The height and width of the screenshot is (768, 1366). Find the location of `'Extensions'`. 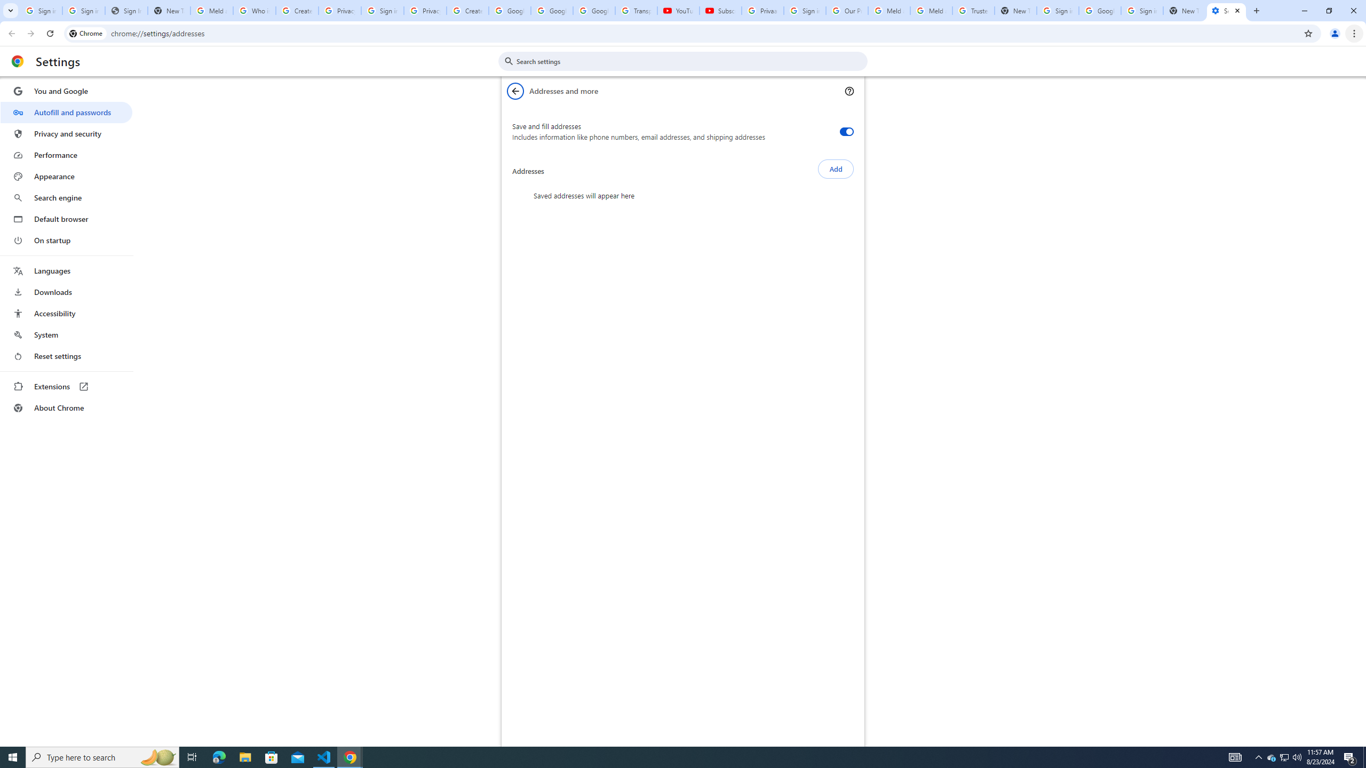

'Extensions' is located at coordinates (66, 386).